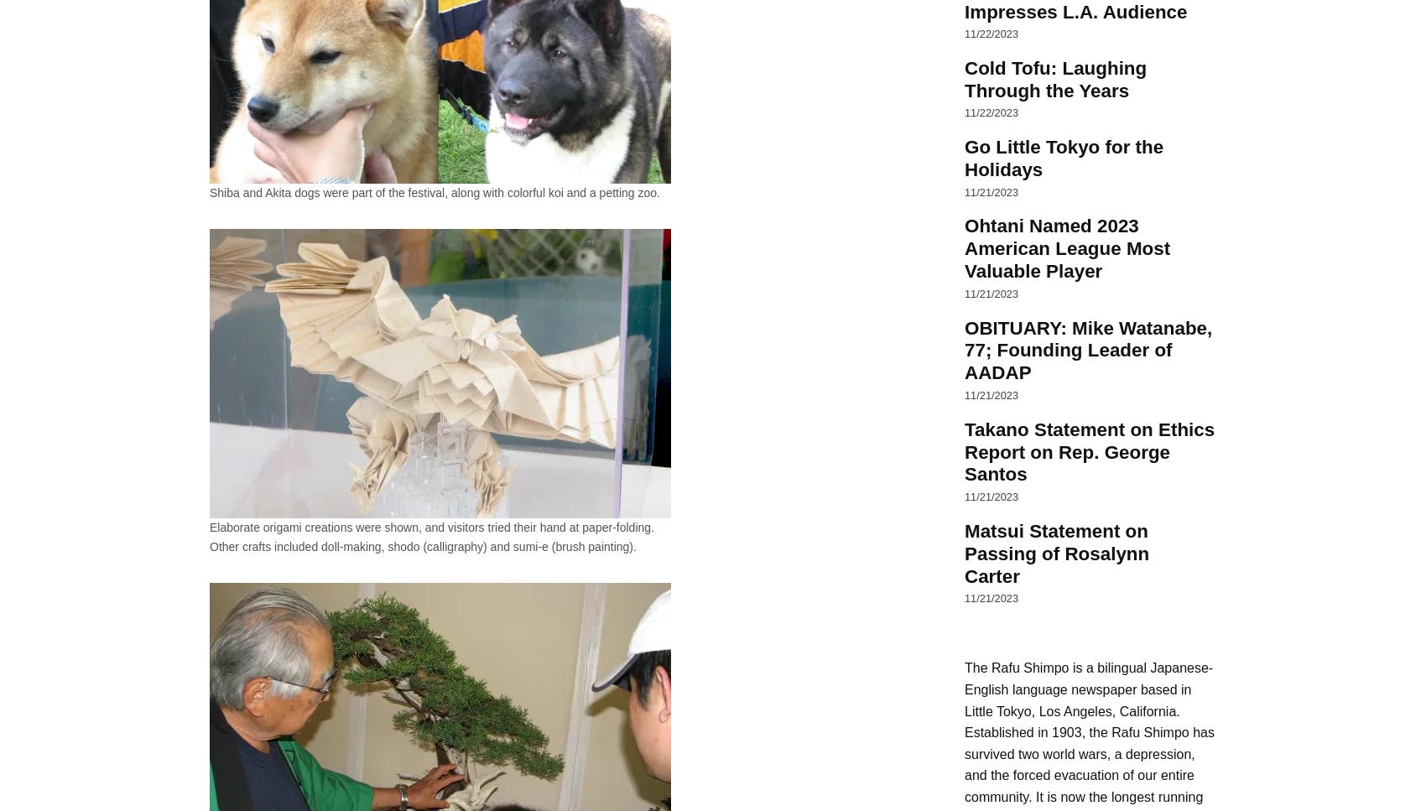 Image resolution: width=1426 pixels, height=811 pixels. What do you see at coordinates (1063, 157) in the screenshot?
I see `'Go Little Tokyo for the Holidays'` at bounding box center [1063, 157].